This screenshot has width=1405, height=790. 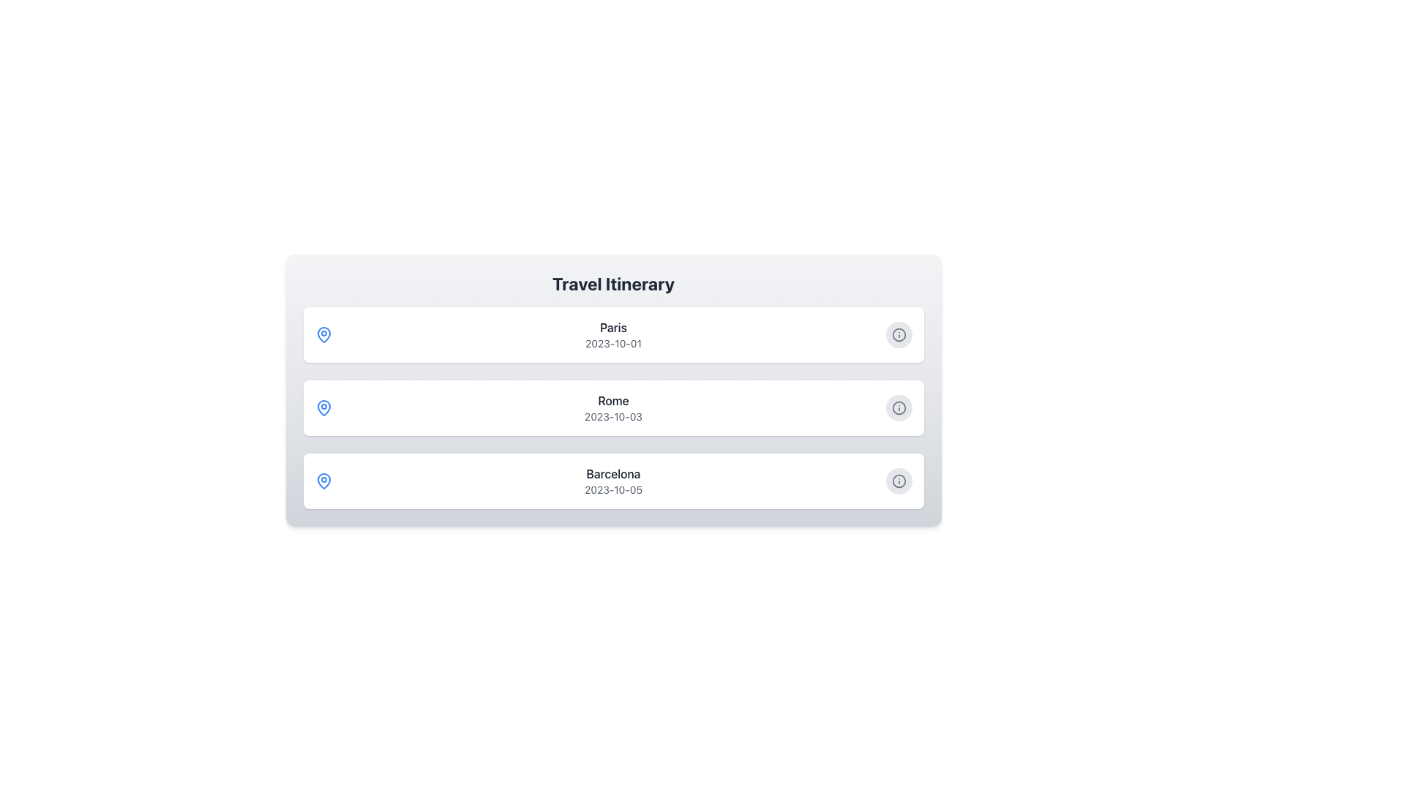 I want to click on the 'Paris' text in the travel destinations list item, so click(x=613, y=335).